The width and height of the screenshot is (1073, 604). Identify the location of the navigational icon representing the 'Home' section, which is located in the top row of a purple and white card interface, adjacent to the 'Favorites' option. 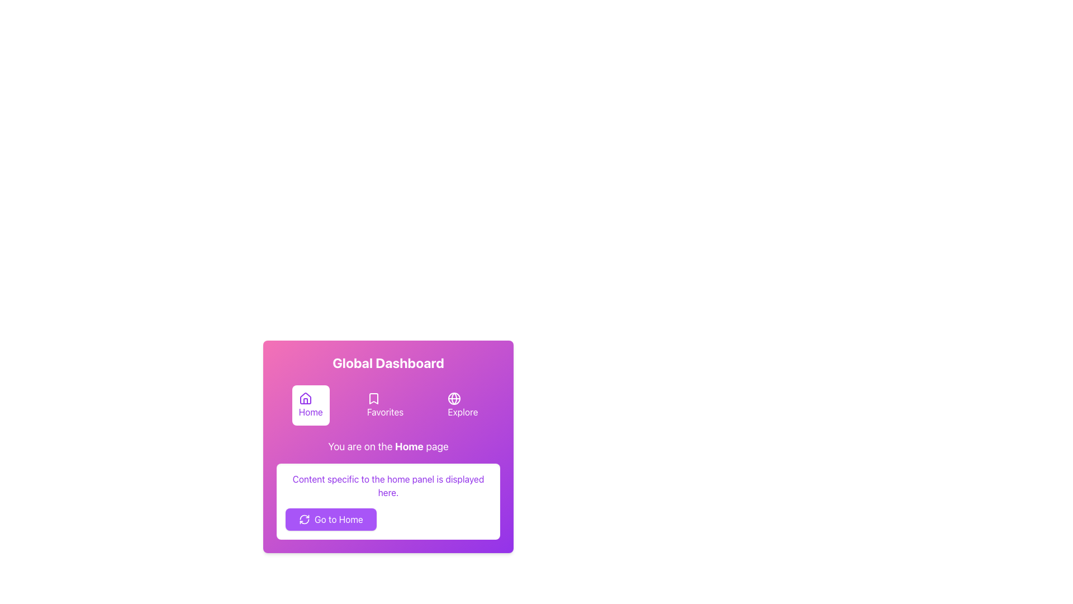
(305, 398).